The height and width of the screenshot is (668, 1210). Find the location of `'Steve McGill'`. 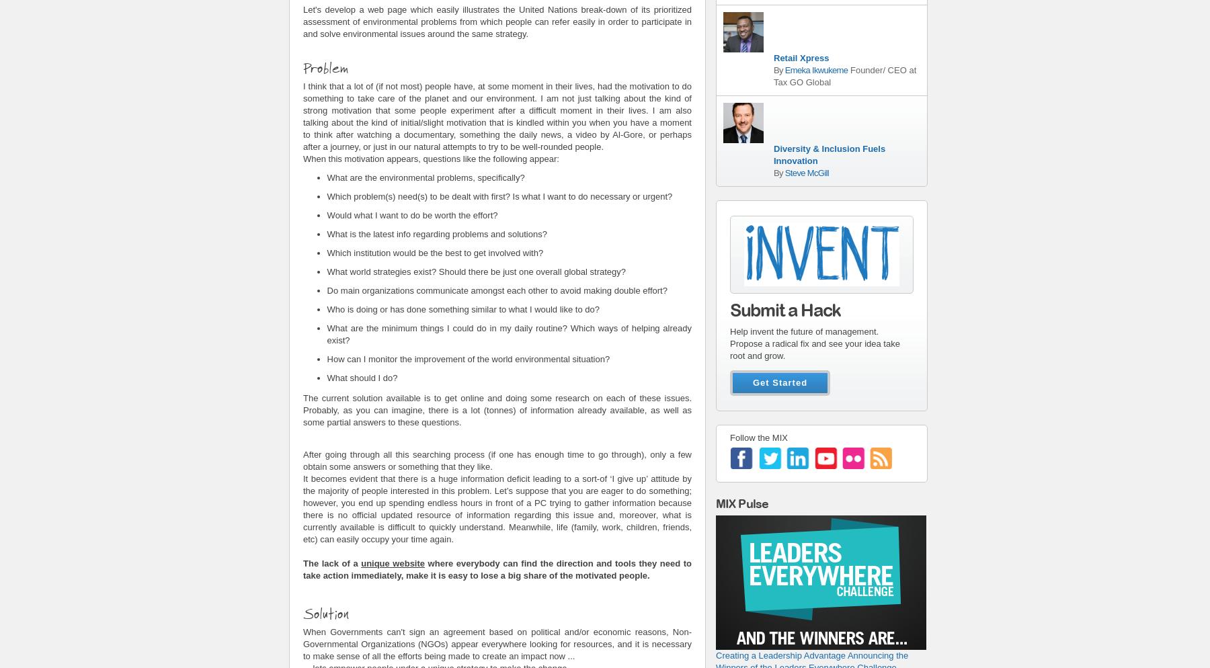

'Steve McGill' is located at coordinates (806, 171).